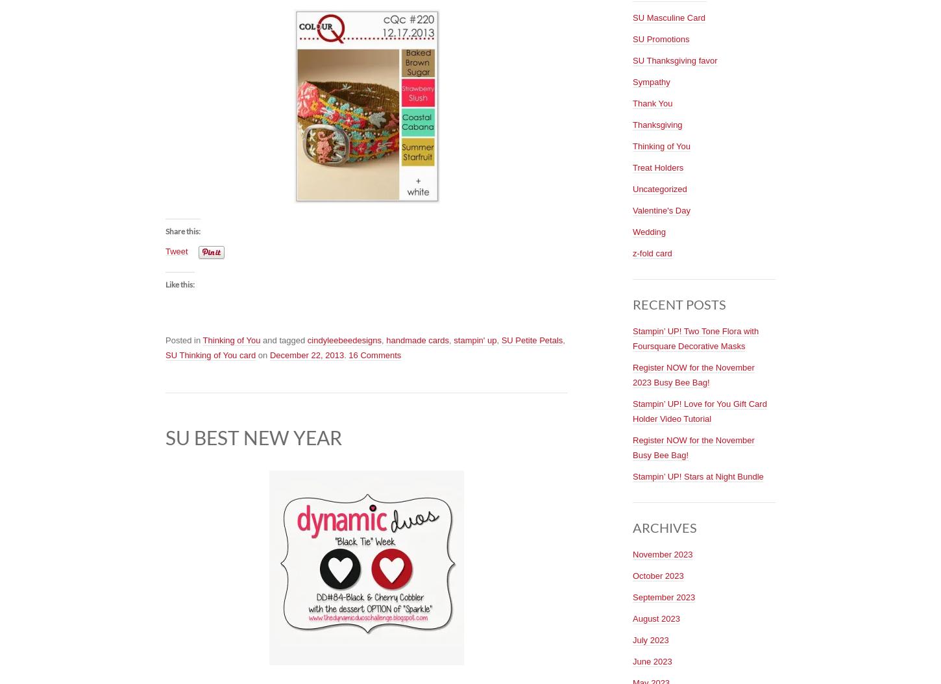 This screenshot has height=684, width=941. I want to click on 'SU Promotions', so click(632, 38).